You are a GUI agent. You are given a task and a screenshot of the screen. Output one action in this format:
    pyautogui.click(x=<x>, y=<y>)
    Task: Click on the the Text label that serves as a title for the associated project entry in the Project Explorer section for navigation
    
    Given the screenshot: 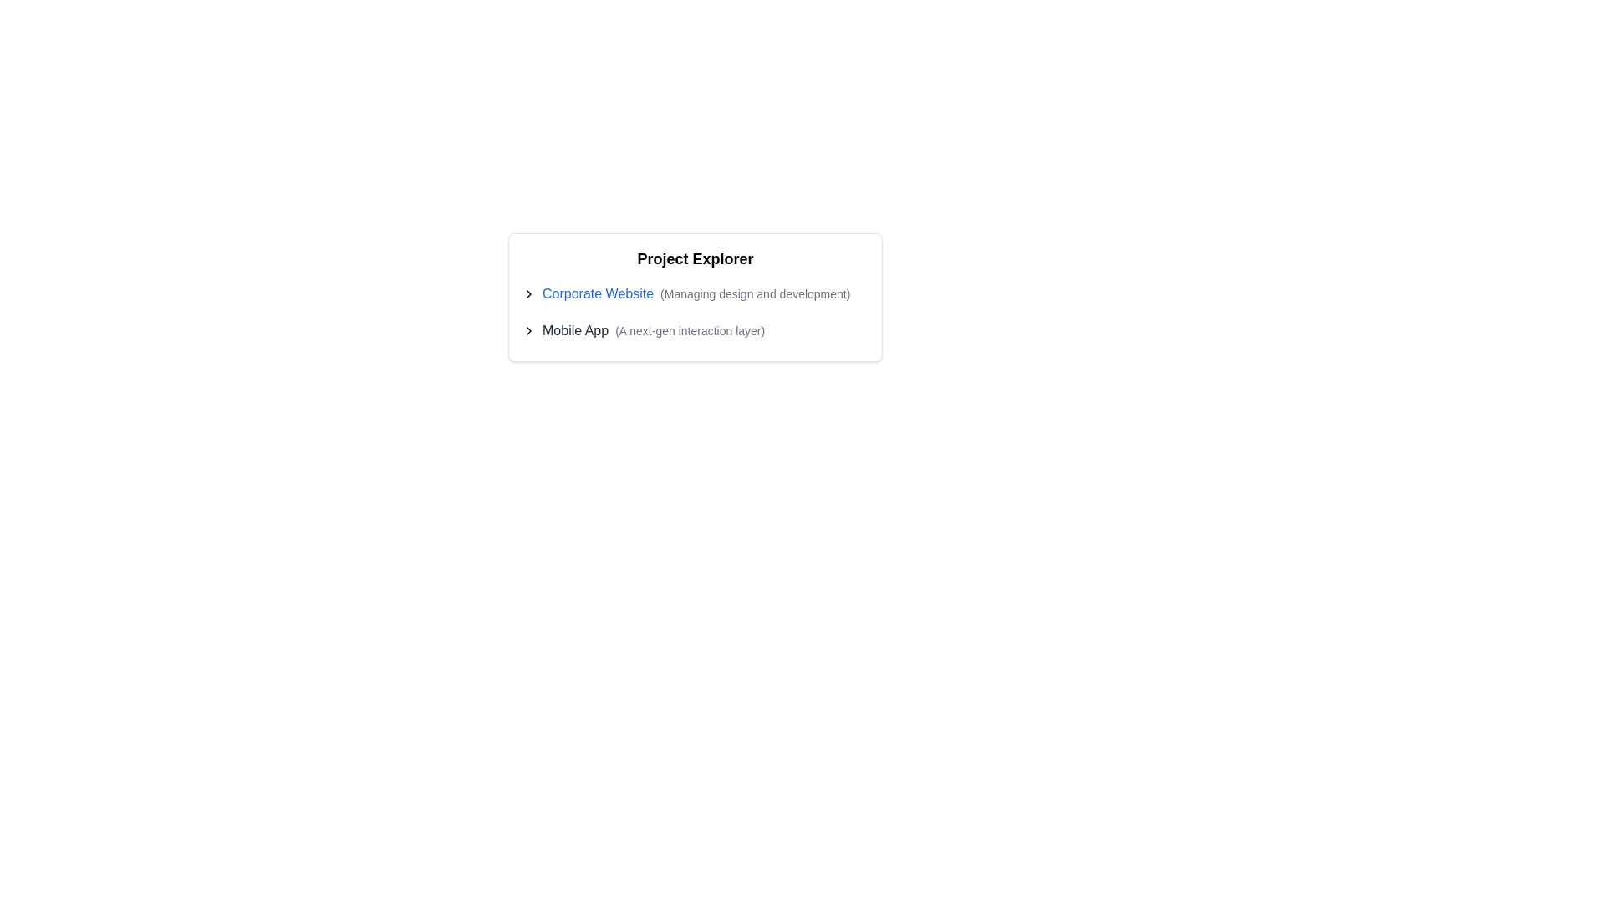 What is the action you would take?
    pyautogui.click(x=598, y=293)
    